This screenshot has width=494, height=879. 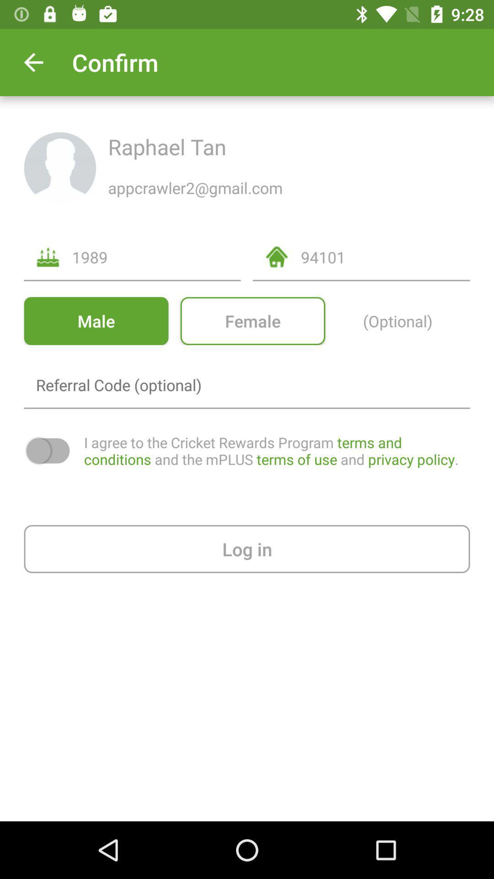 I want to click on log in, so click(x=247, y=549).